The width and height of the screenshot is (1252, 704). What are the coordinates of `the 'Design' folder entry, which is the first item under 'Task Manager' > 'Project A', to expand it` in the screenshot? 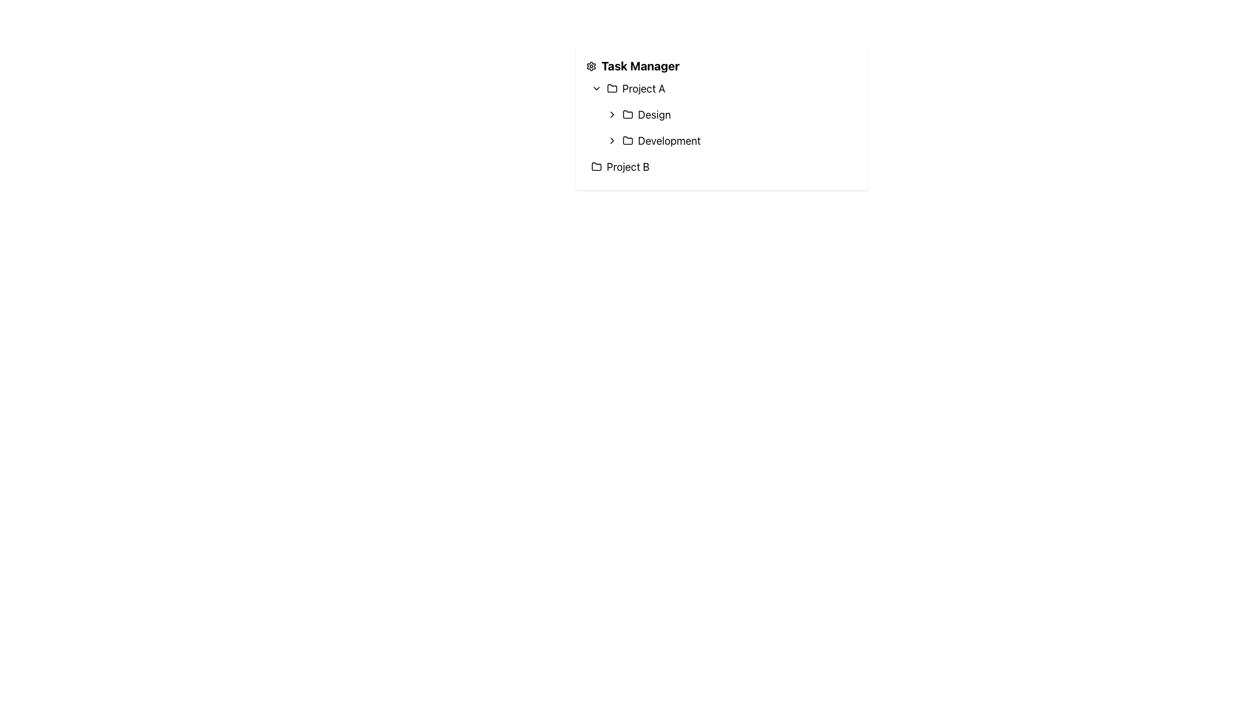 It's located at (728, 114).